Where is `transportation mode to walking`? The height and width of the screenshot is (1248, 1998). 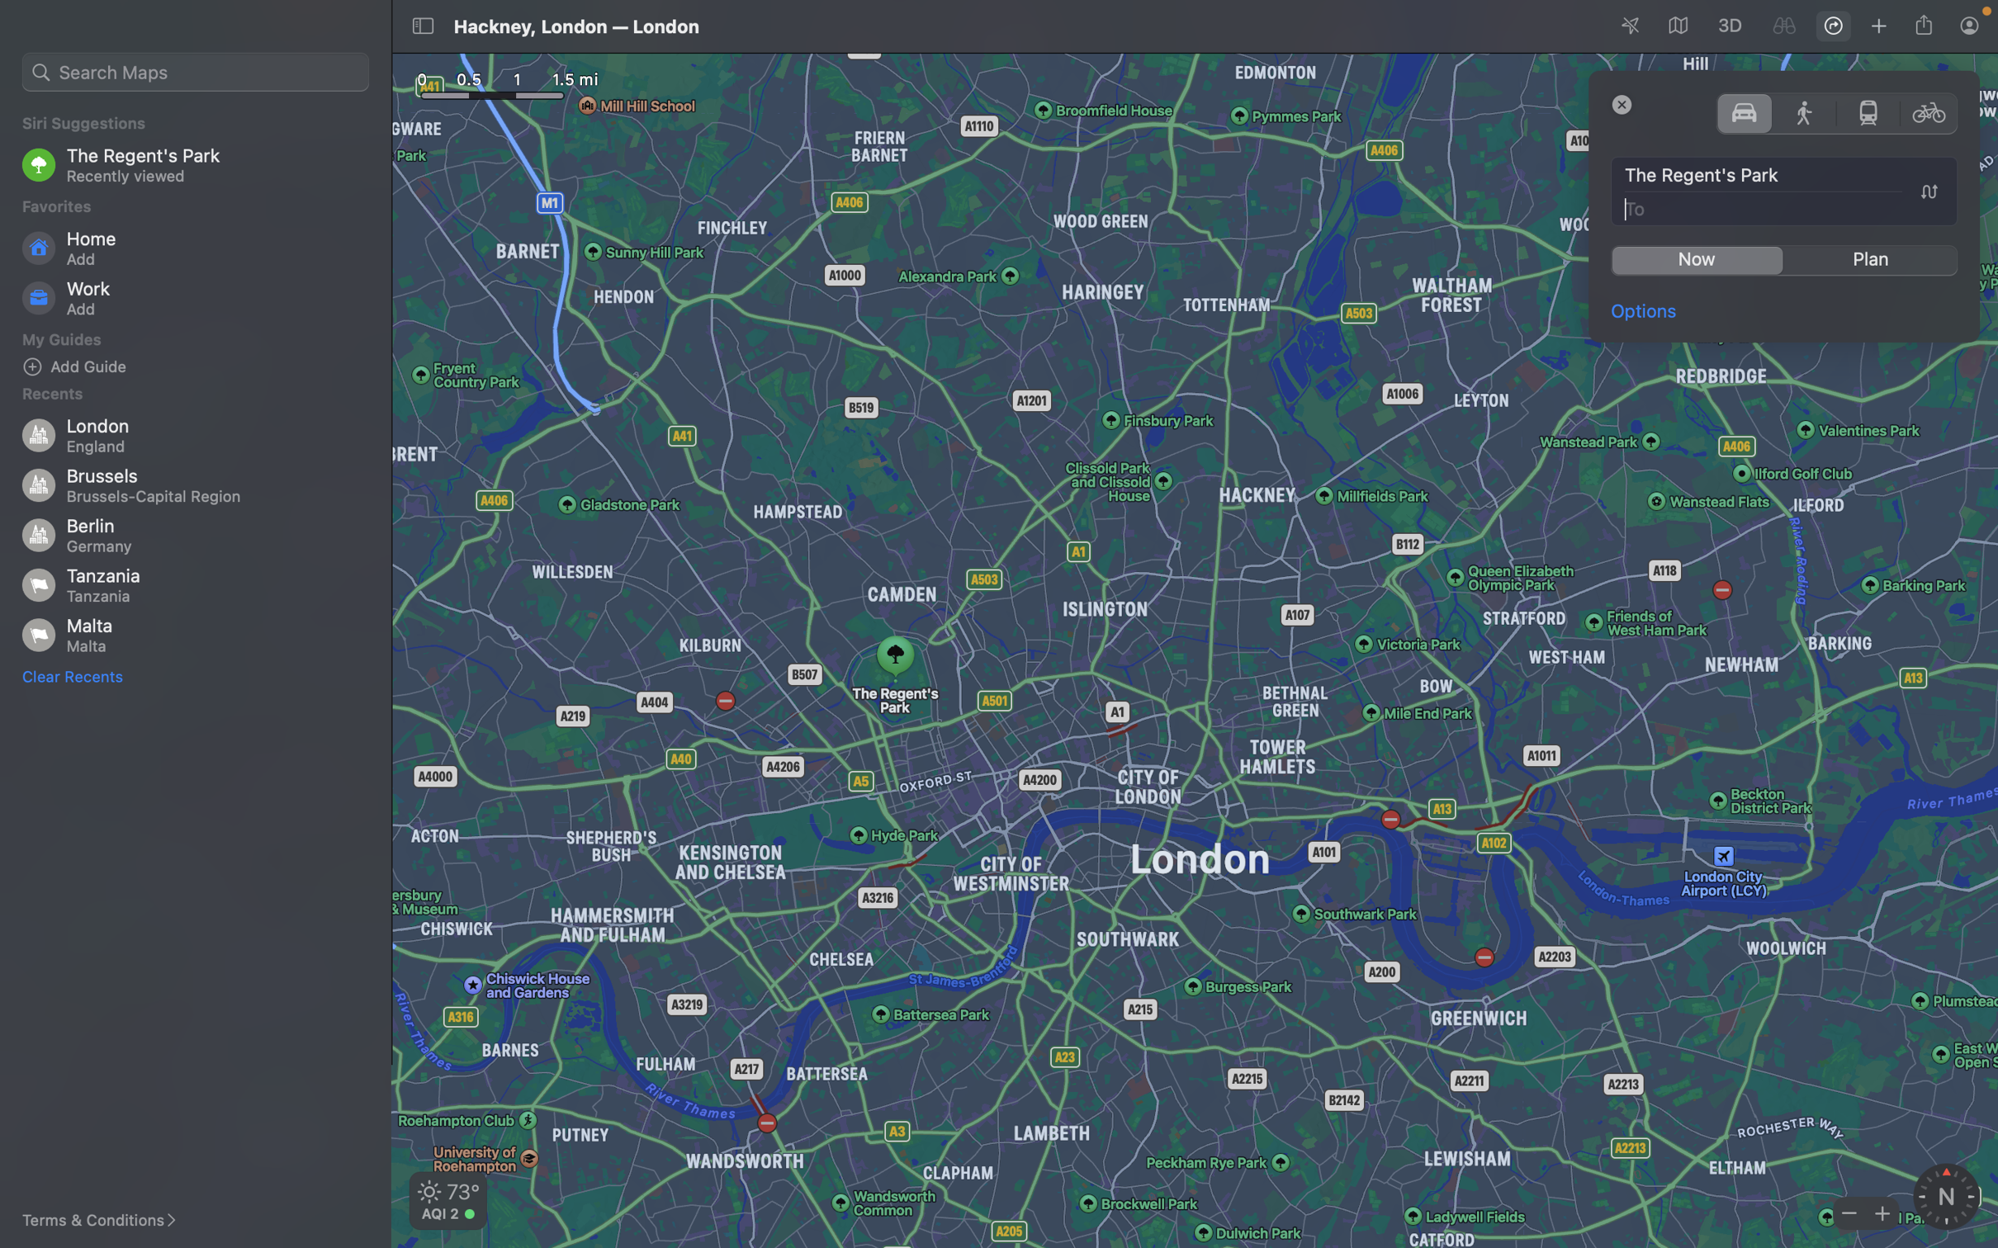
transportation mode to walking is located at coordinates (1805, 111).